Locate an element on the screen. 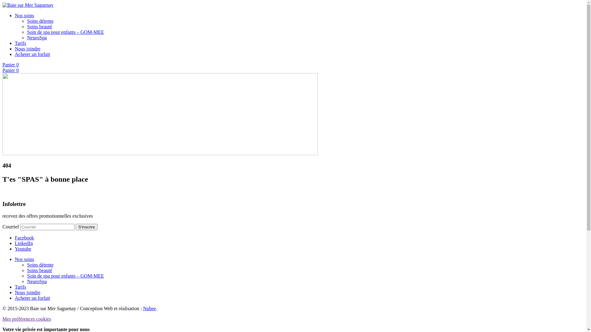  'NeuroSpa' is located at coordinates (37, 281).